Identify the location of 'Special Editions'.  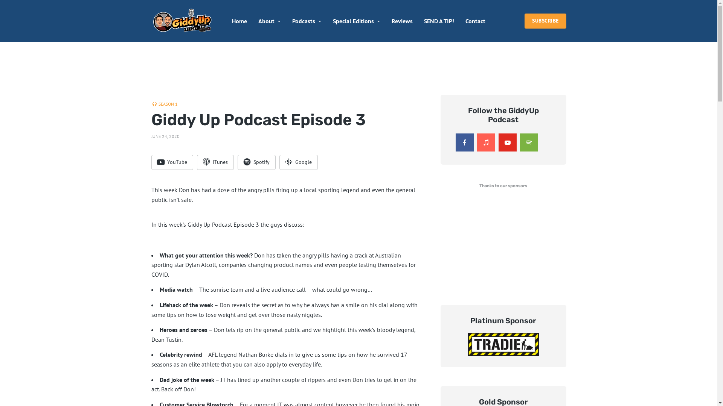
(332, 21).